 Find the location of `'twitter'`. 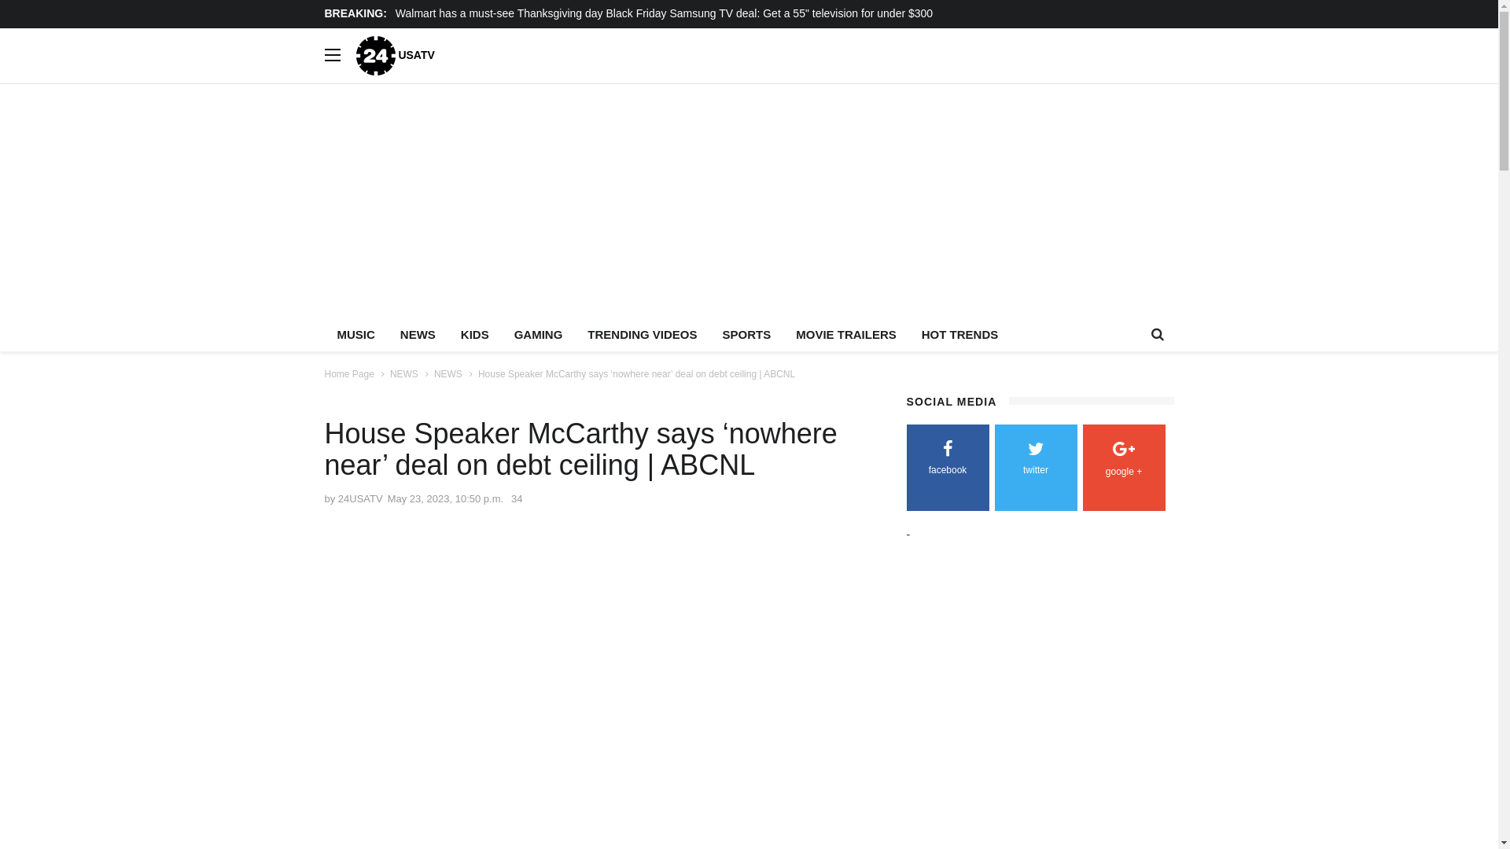

'twitter' is located at coordinates (1035, 460).